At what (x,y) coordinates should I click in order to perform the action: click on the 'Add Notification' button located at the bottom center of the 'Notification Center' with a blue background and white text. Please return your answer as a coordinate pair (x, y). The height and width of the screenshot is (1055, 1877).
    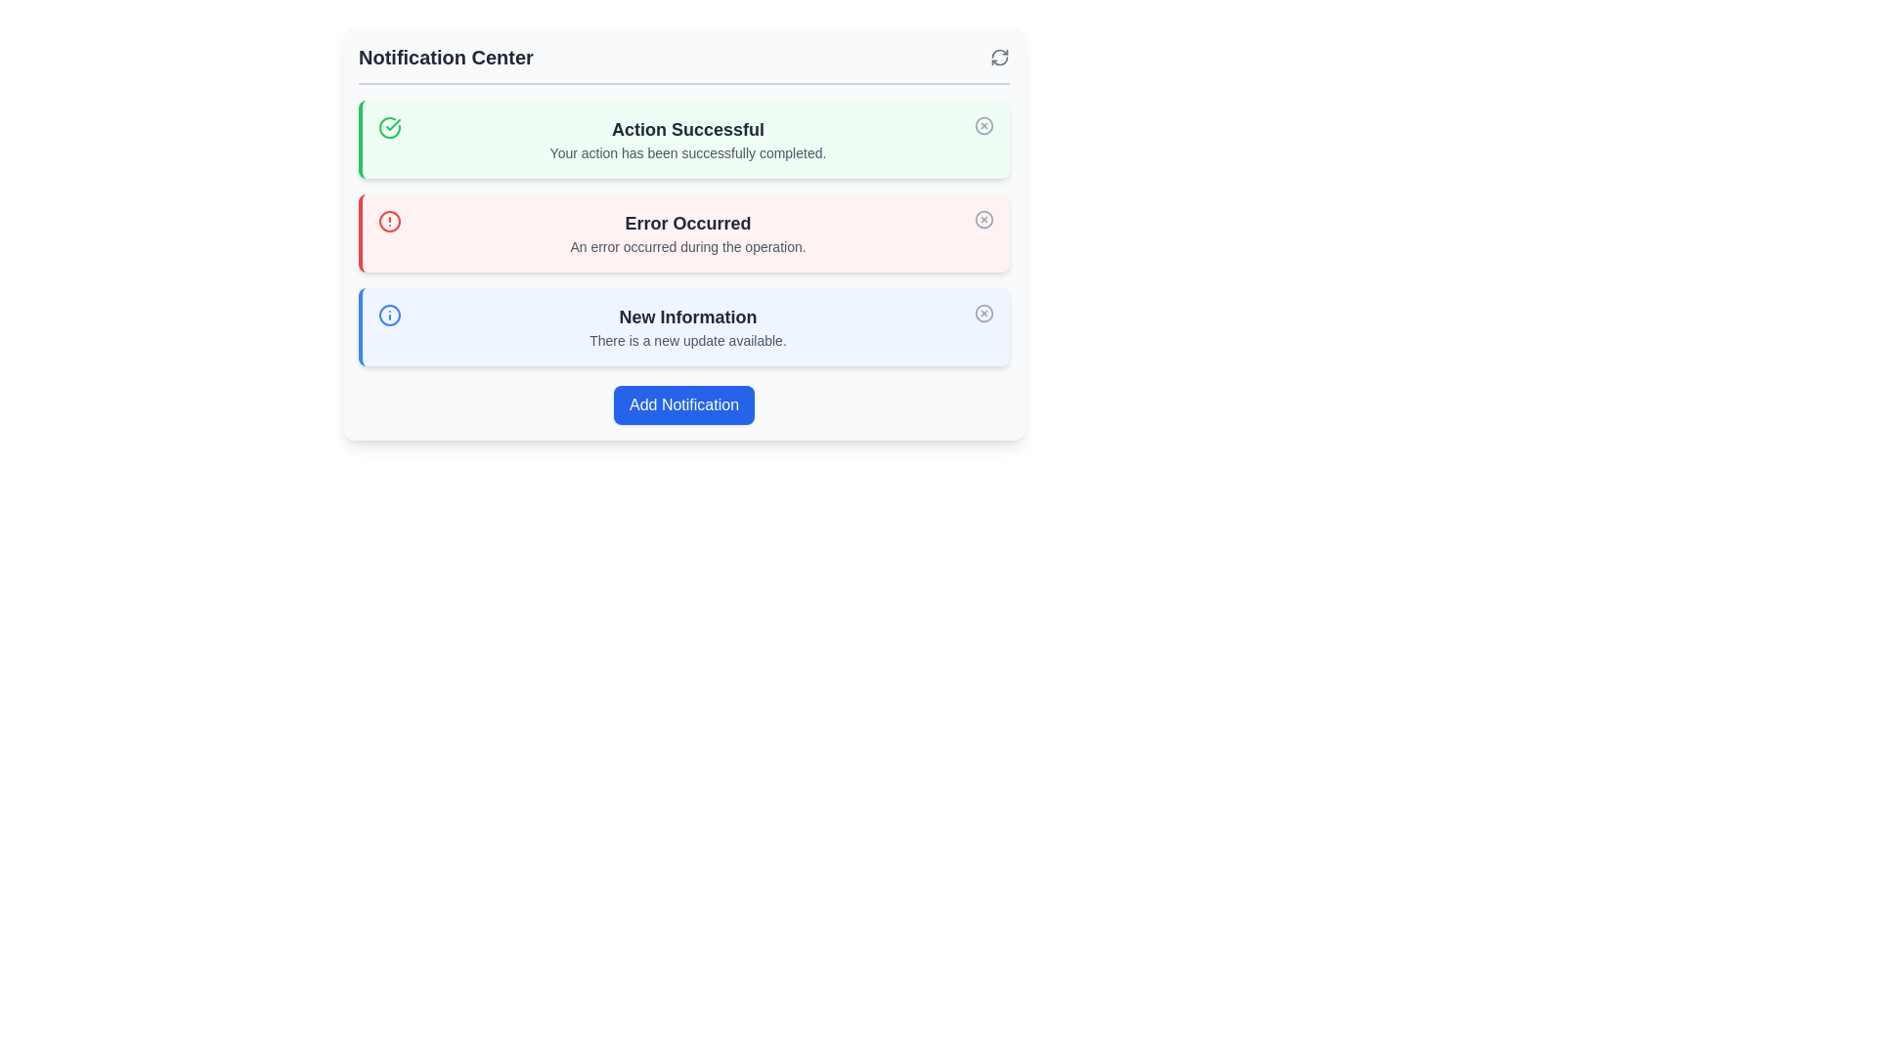
    Looking at the image, I should click on (684, 404).